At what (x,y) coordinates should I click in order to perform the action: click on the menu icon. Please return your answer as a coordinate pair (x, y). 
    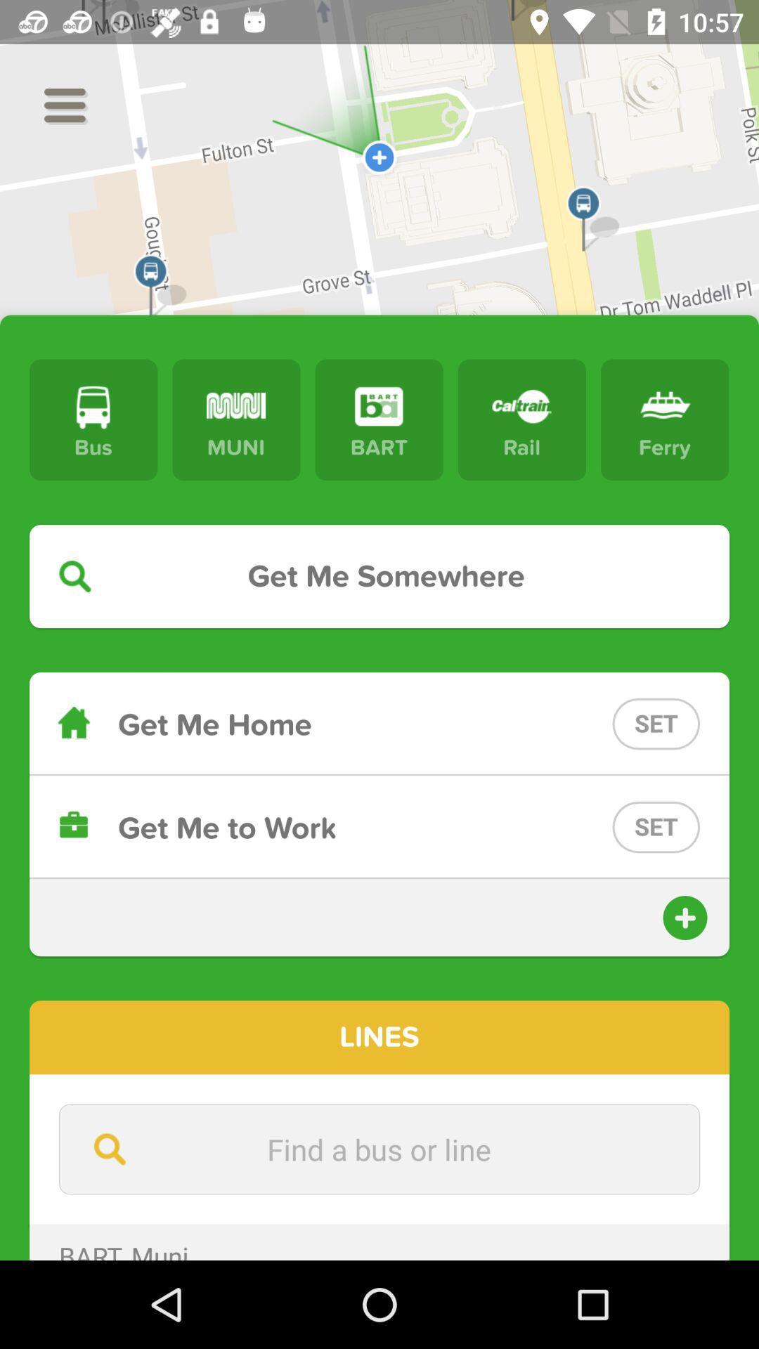
    Looking at the image, I should click on (58, 105).